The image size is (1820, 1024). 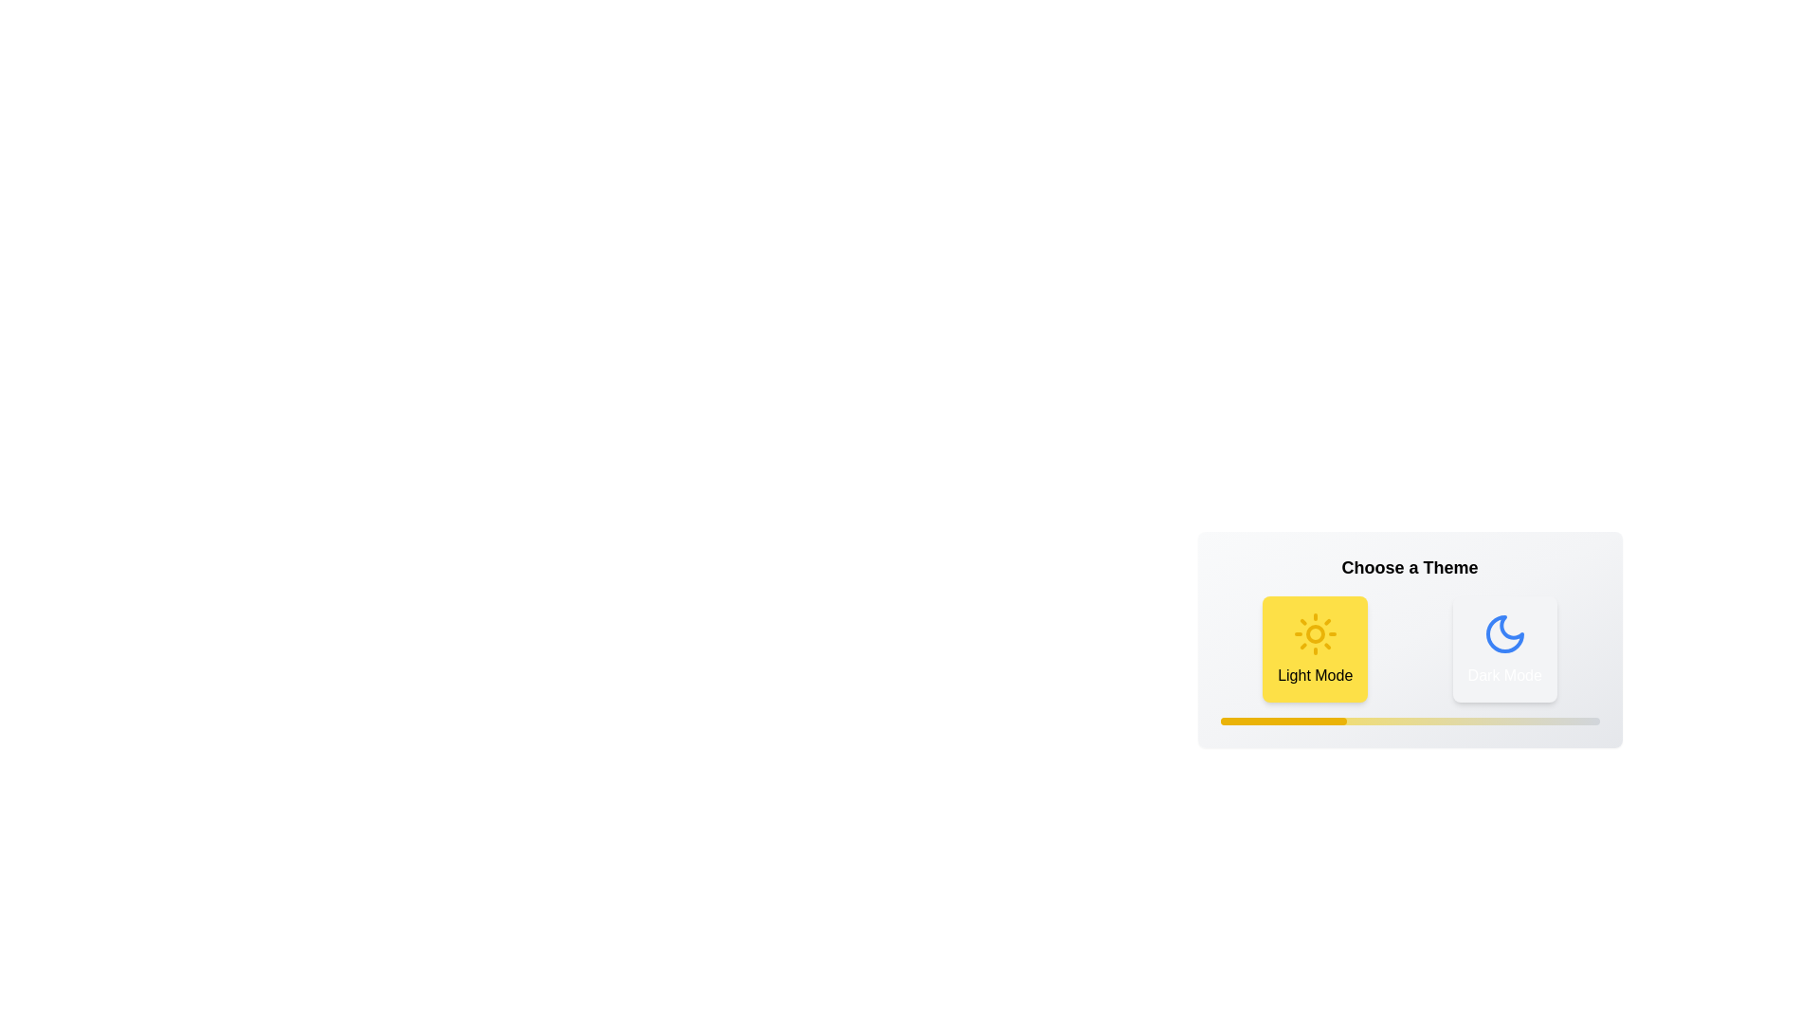 I want to click on the 'Light Mode' button to switch to the light theme, so click(x=1314, y=649).